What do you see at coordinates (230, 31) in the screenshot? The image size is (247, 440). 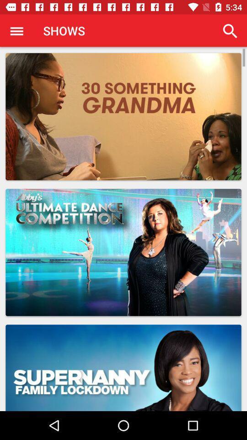 I see `the icon next to shows app` at bounding box center [230, 31].